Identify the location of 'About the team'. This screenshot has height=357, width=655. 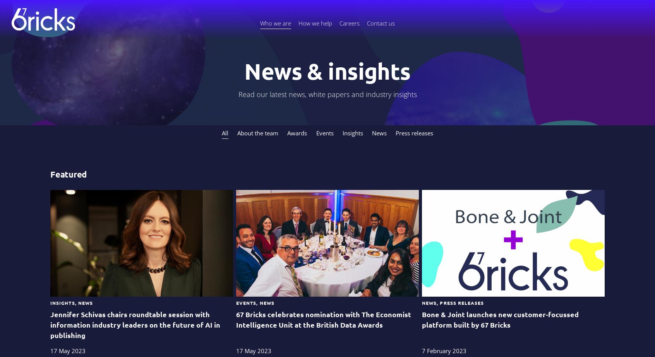
(257, 133).